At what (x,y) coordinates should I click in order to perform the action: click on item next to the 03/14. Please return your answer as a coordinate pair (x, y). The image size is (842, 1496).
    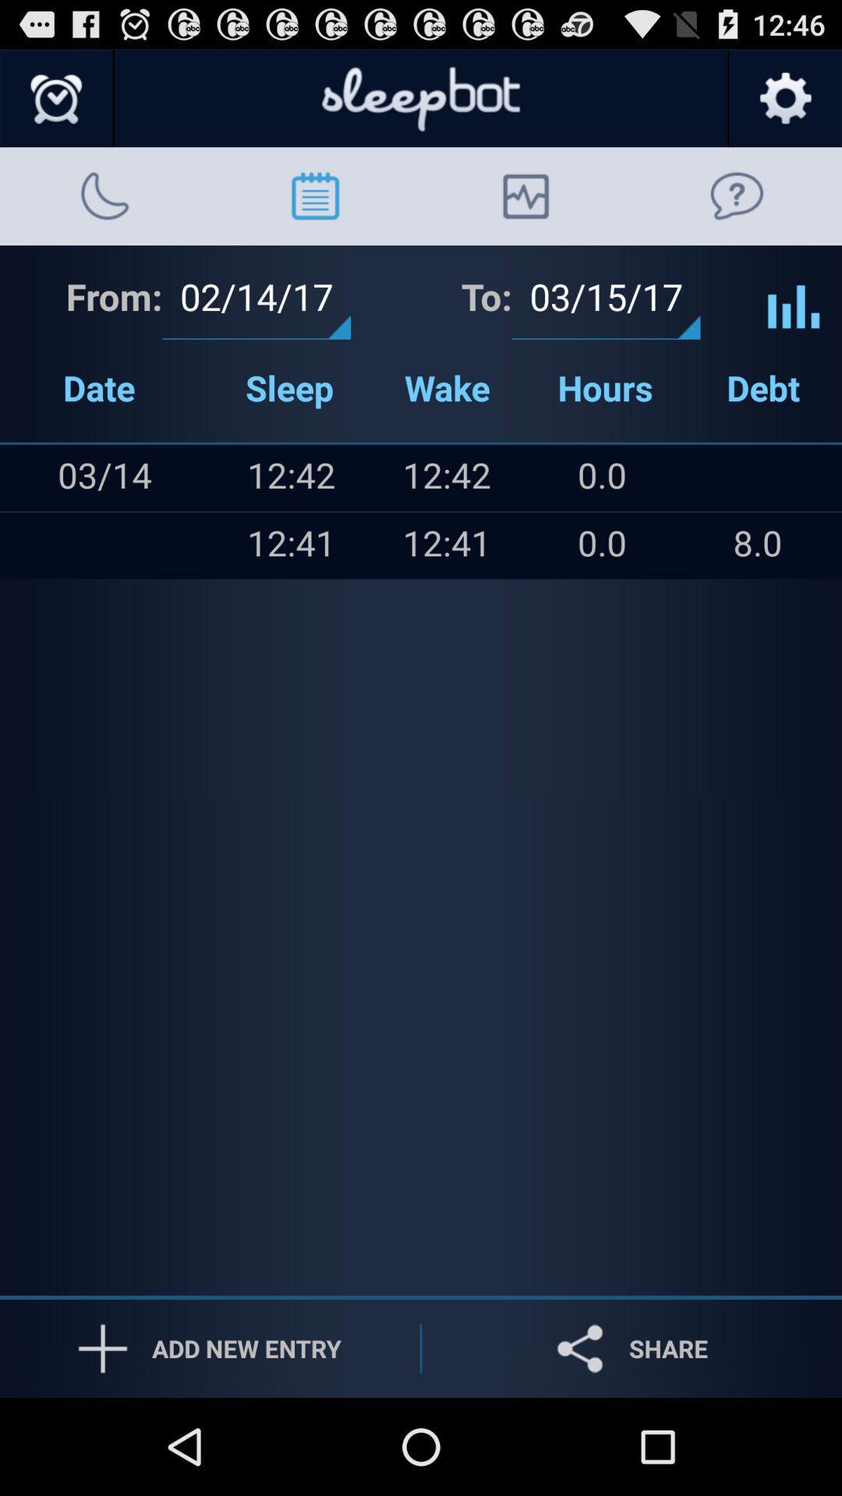
    Looking at the image, I should click on (32, 477).